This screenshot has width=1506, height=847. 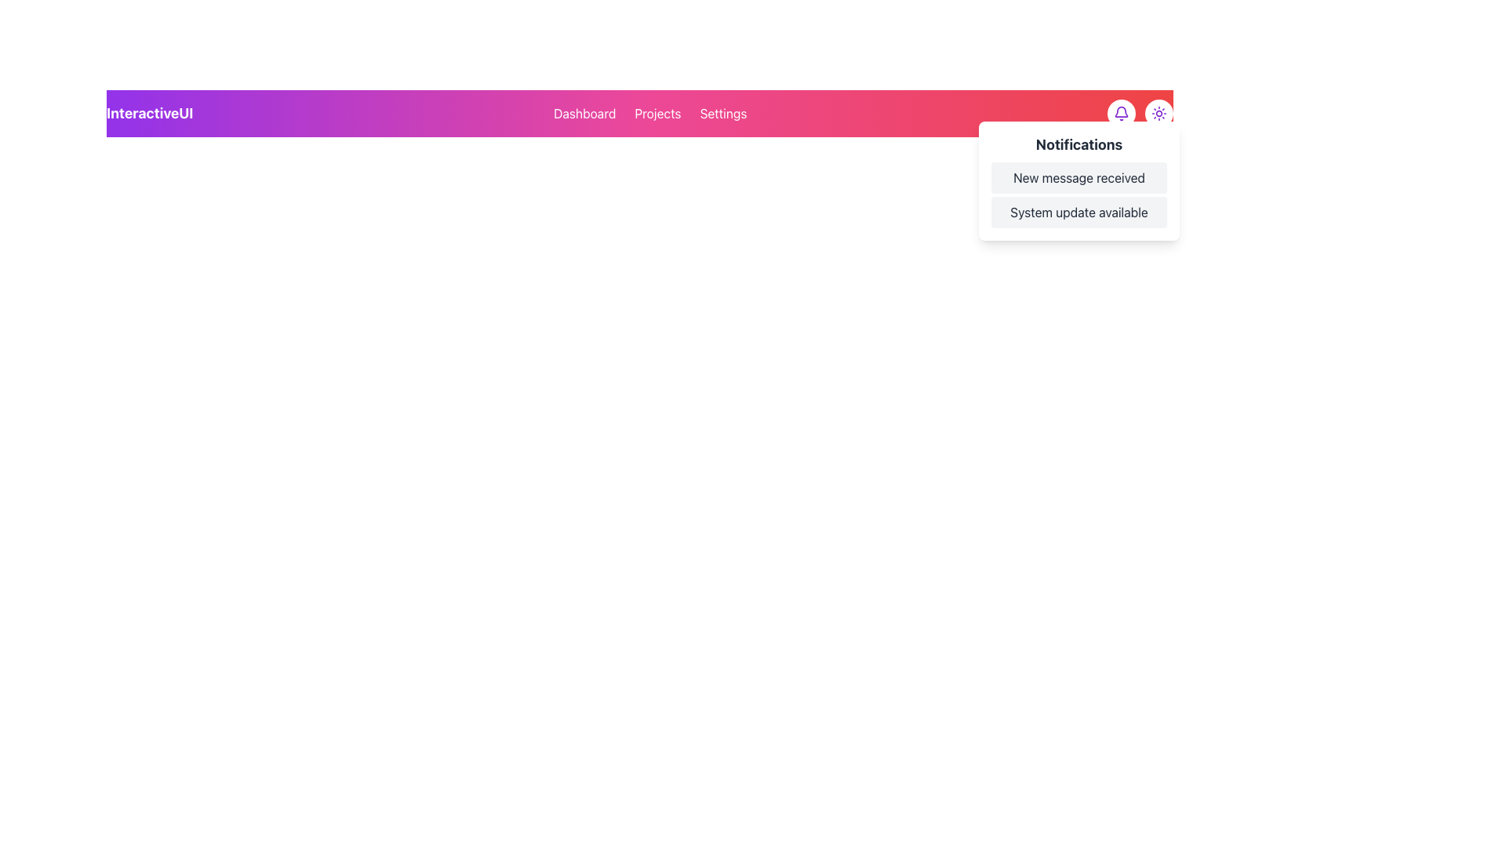 I want to click on the dropdown menu for recent notifications located at the top-right corner of the interface, directly below the notification bell icon, so click(x=1079, y=180).